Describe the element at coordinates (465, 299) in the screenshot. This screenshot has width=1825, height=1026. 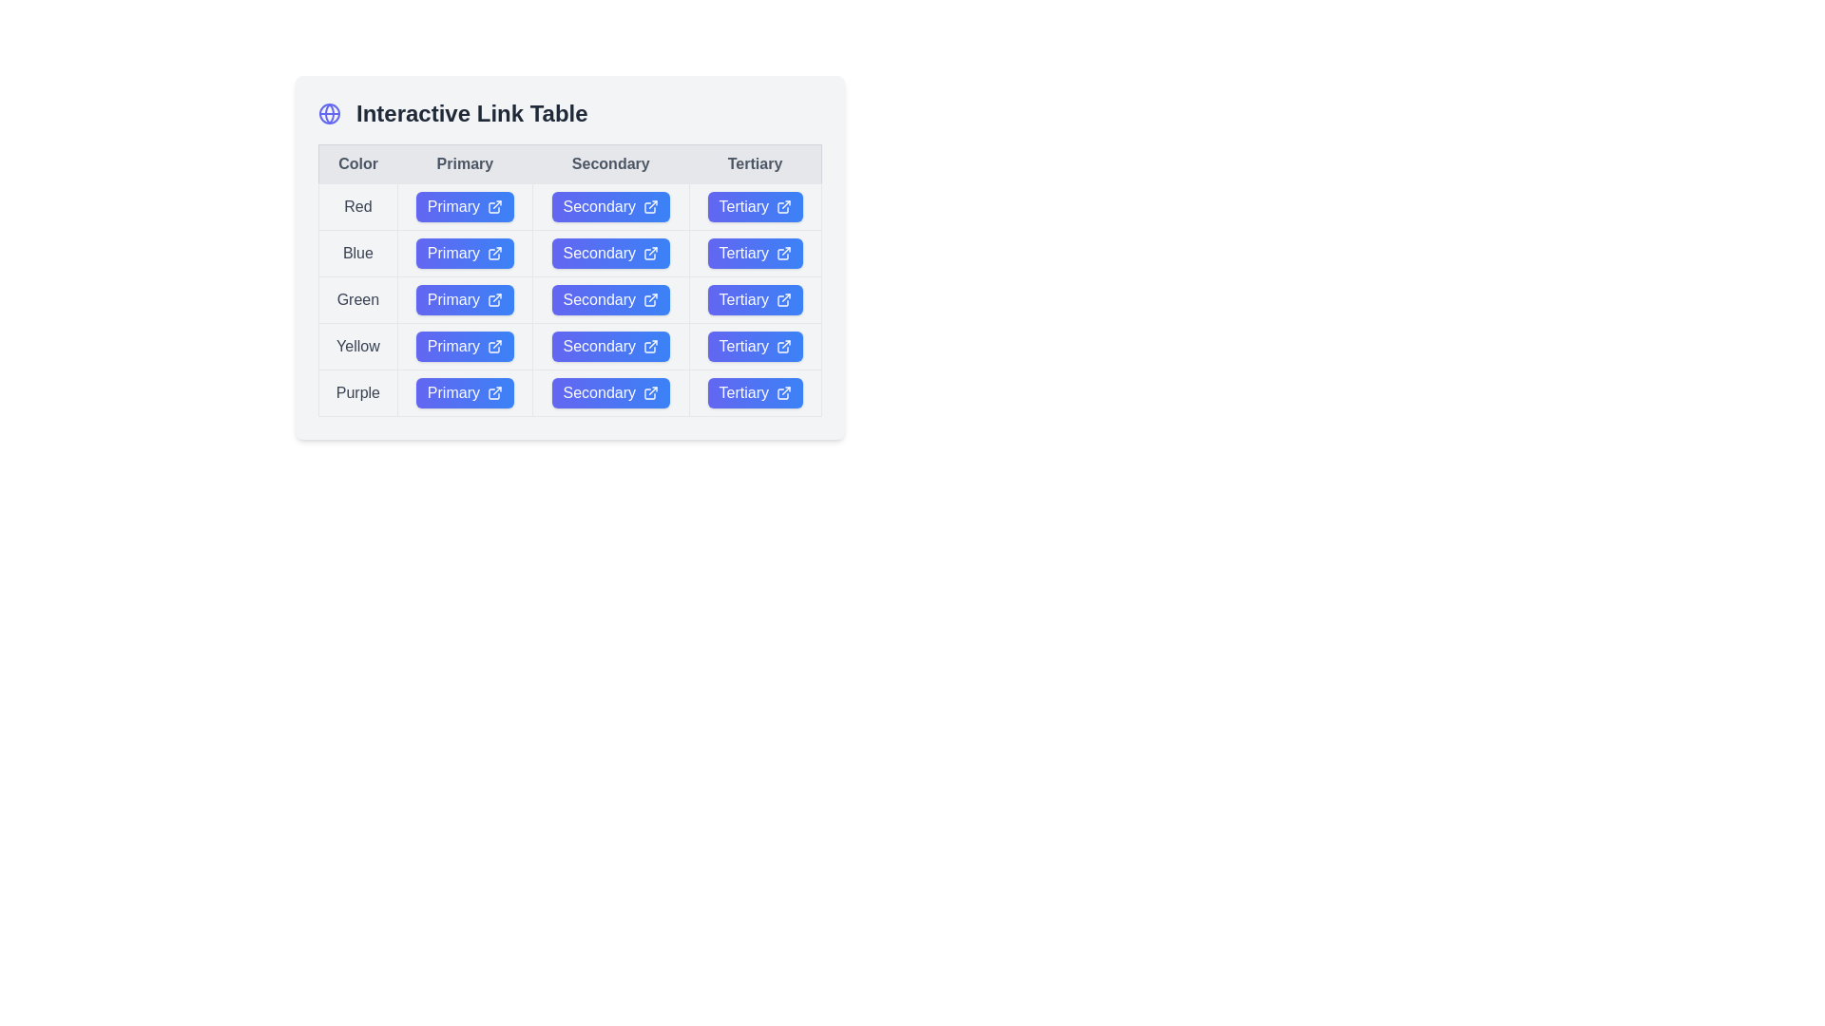
I see `the 'Primary' button with a gradient color from indigo to blue, containing white text` at that location.